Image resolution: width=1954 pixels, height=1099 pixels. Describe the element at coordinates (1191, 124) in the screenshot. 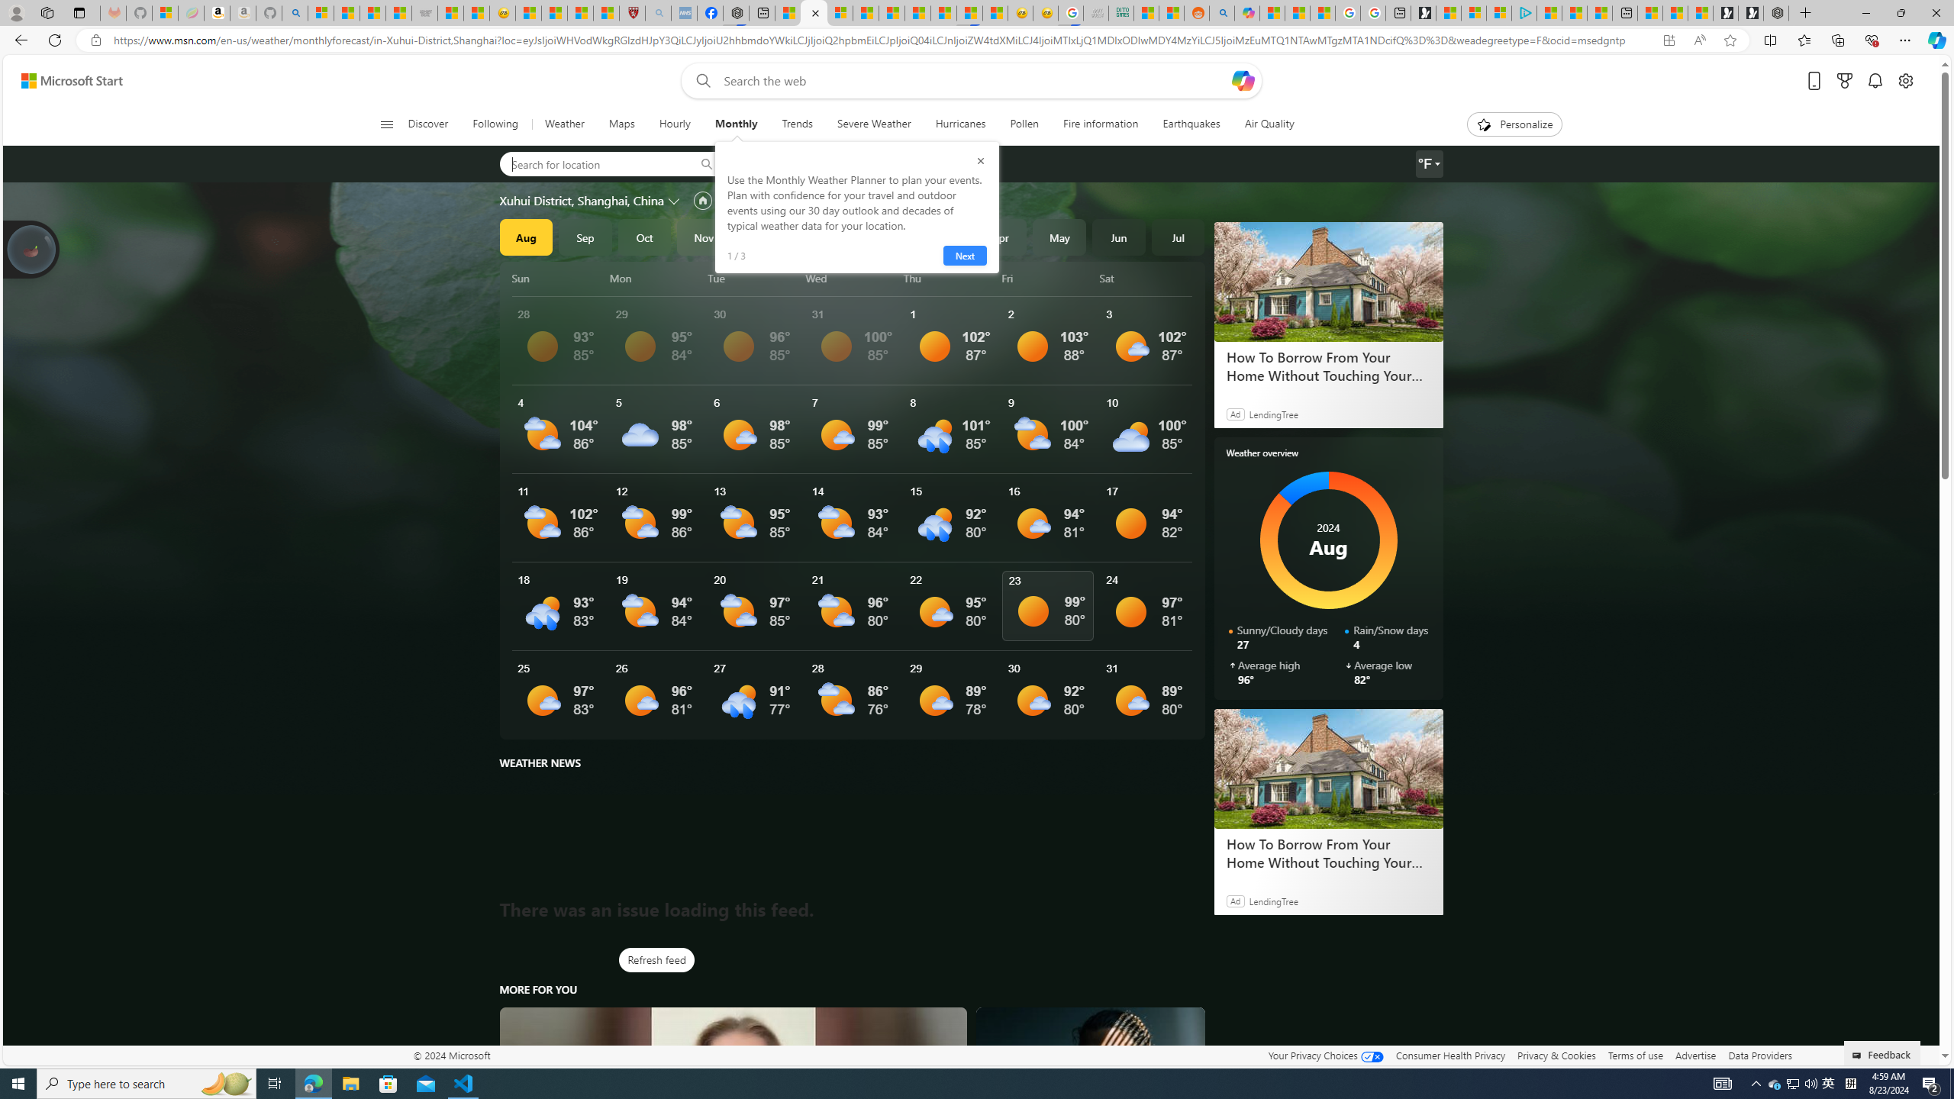

I see `'Earthquakes'` at that location.